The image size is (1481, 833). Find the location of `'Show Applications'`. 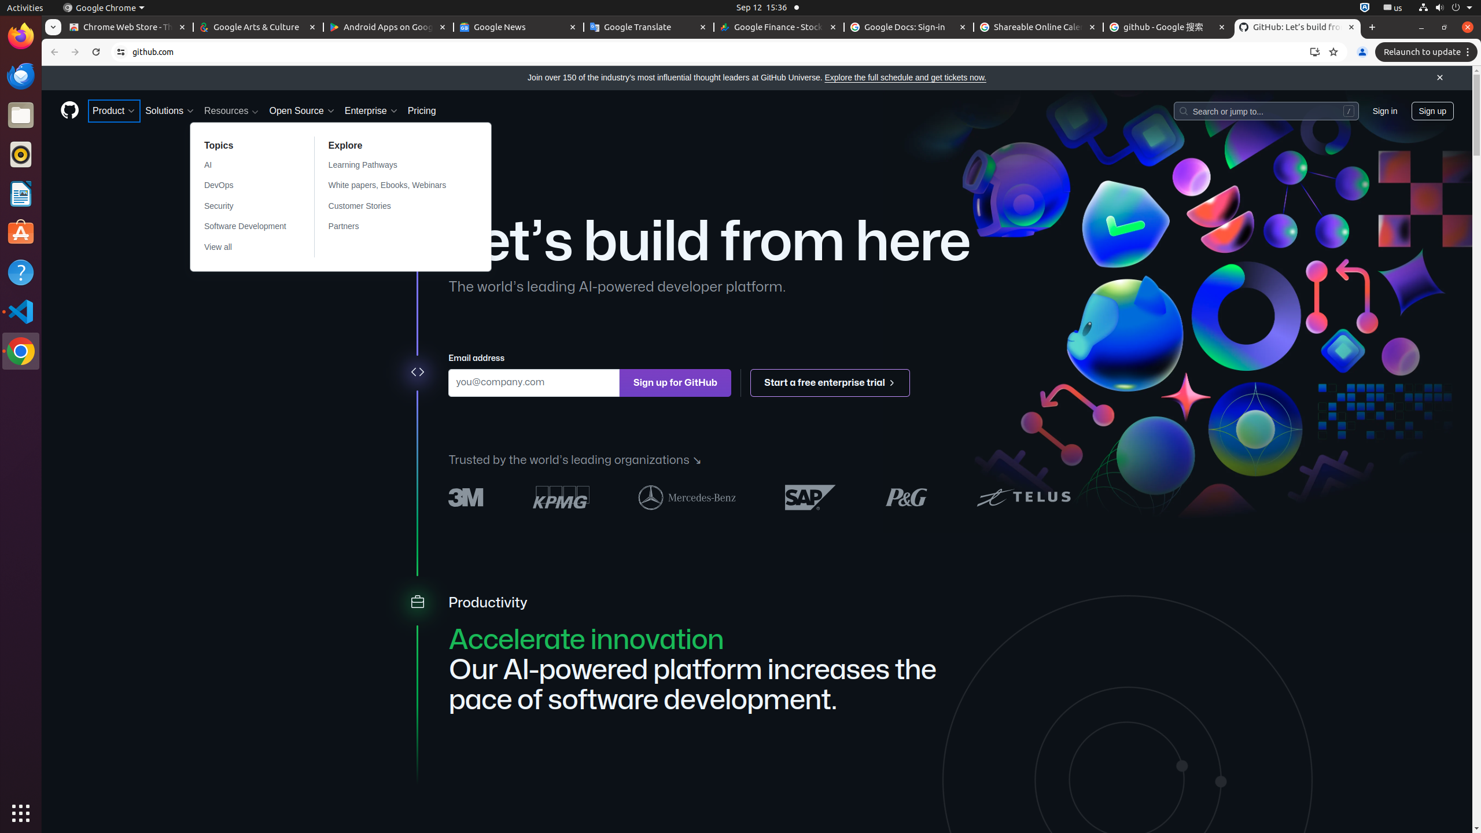

'Show Applications' is located at coordinates (21, 813).